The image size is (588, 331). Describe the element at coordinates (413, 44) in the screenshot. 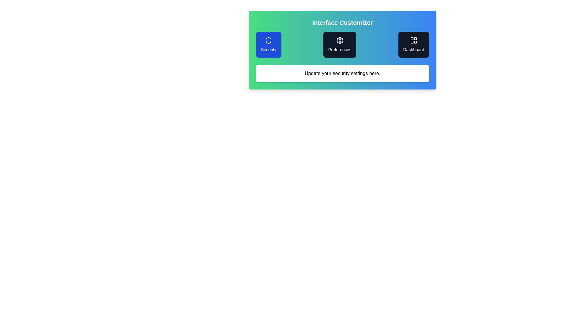

I see `the 'Dashboard' button, which is a rectangular UI component with a dark background and a grid layout icon` at that location.